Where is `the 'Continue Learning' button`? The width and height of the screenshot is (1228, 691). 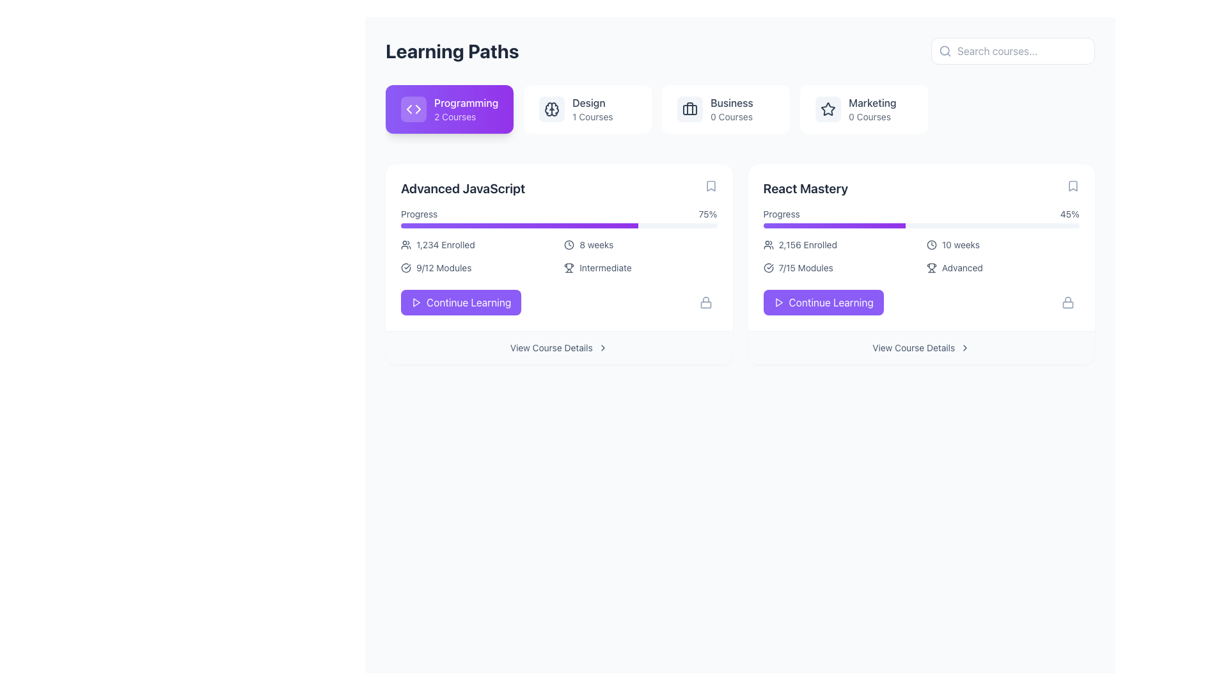 the 'Continue Learning' button is located at coordinates (460, 303).